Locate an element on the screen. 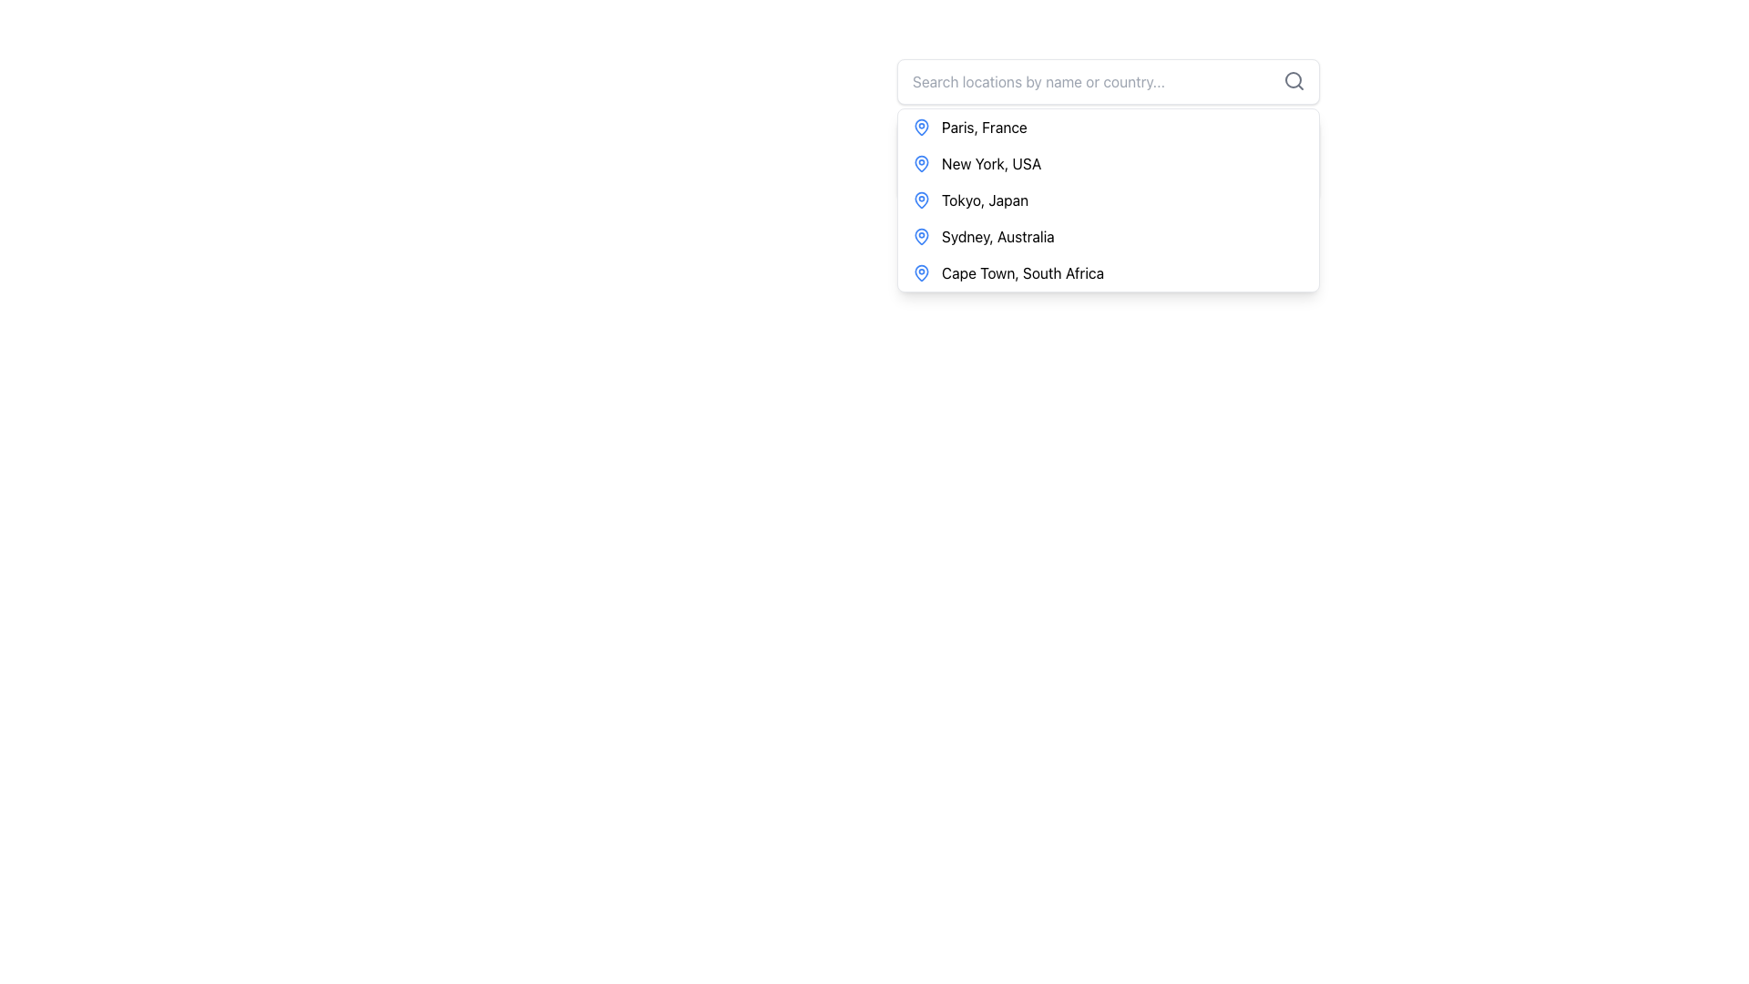 The width and height of the screenshot is (1749, 984). the first selectable option 'Paris, France' in the dropdown menu is located at coordinates (1108, 126).